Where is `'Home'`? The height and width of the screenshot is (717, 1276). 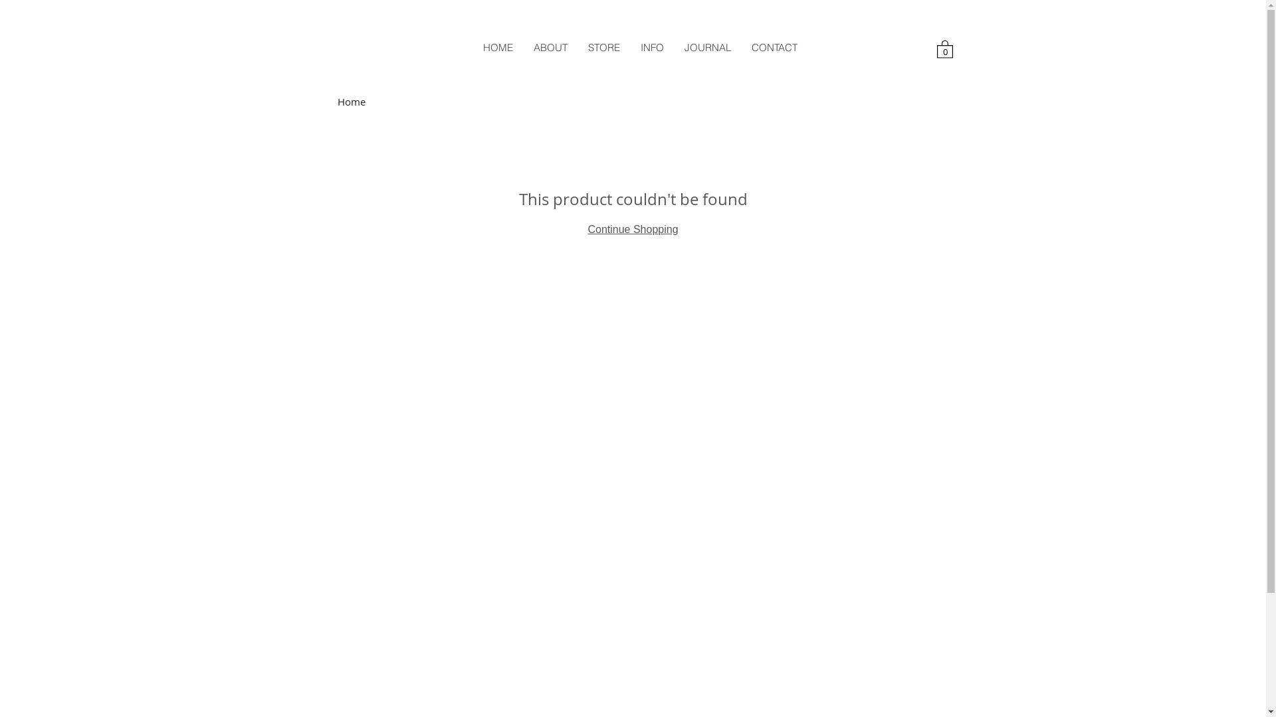
'Home' is located at coordinates (351, 101).